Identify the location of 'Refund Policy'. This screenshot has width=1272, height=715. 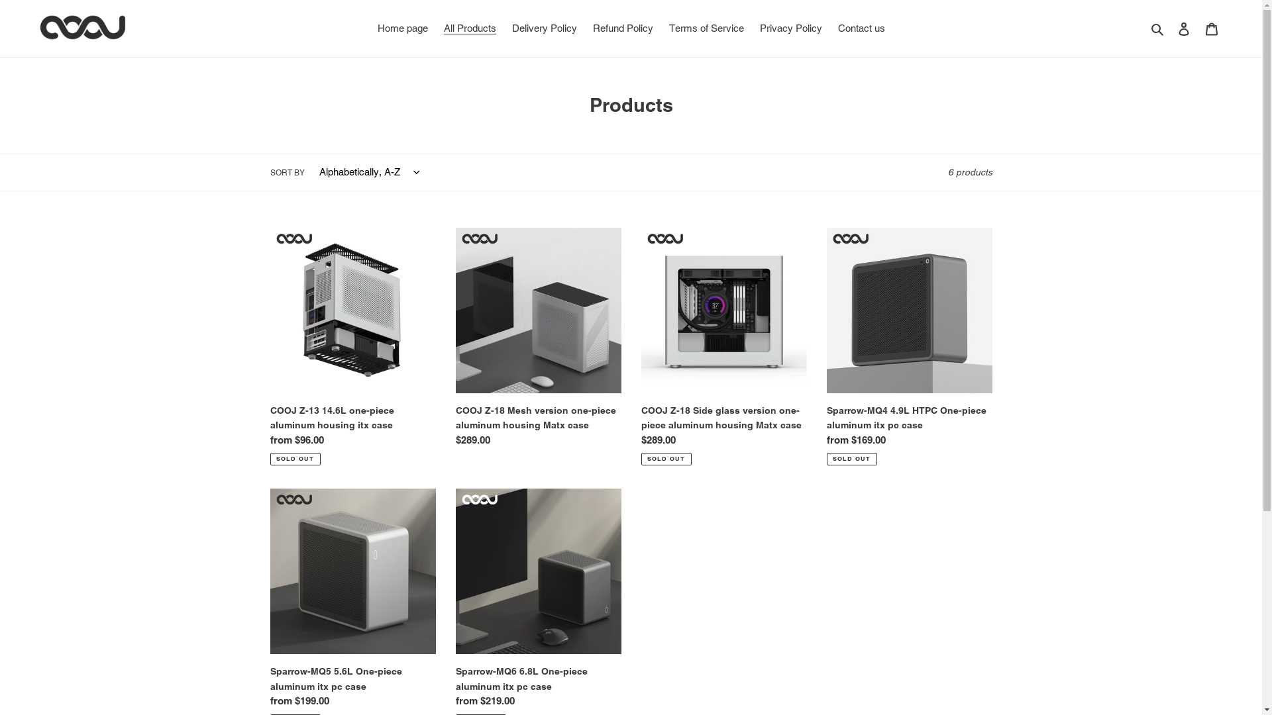
(621, 28).